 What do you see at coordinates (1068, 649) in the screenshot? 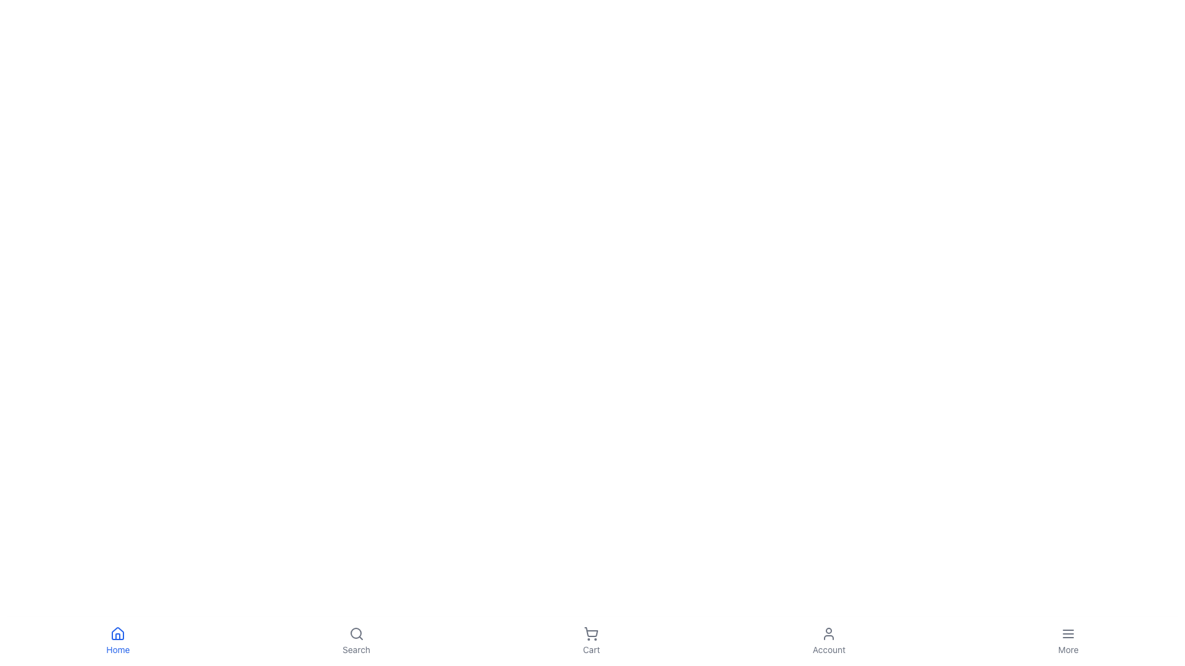
I see `the text label located at the bottom-right corner of the interface, which provides a visual description for the associated menu icon above it` at bounding box center [1068, 649].